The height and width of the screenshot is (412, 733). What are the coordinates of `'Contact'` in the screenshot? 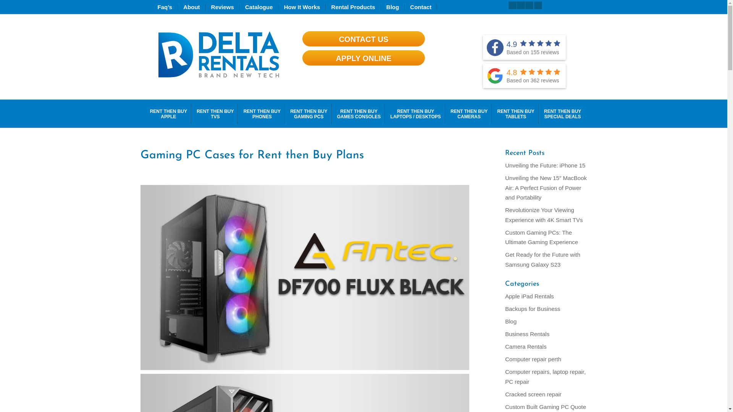 It's located at (423, 7).